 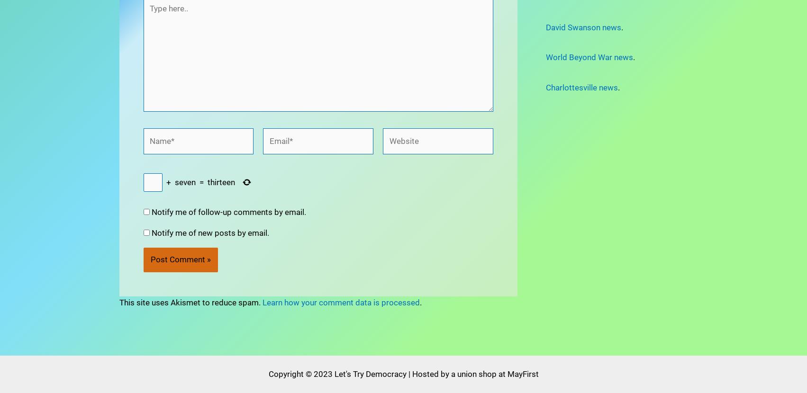 What do you see at coordinates (209, 206) in the screenshot?
I see `'Notify me of new posts by email.'` at bounding box center [209, 206].